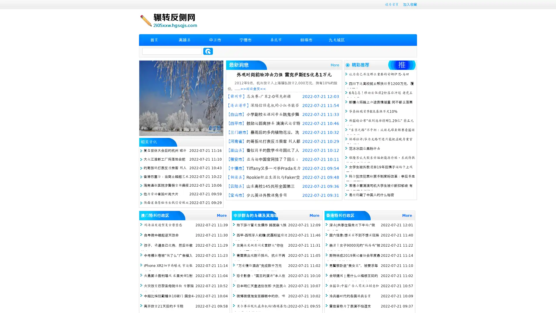 The height and width of the screenshot is (313, 556). I want to click on Search, so click(208, 51).